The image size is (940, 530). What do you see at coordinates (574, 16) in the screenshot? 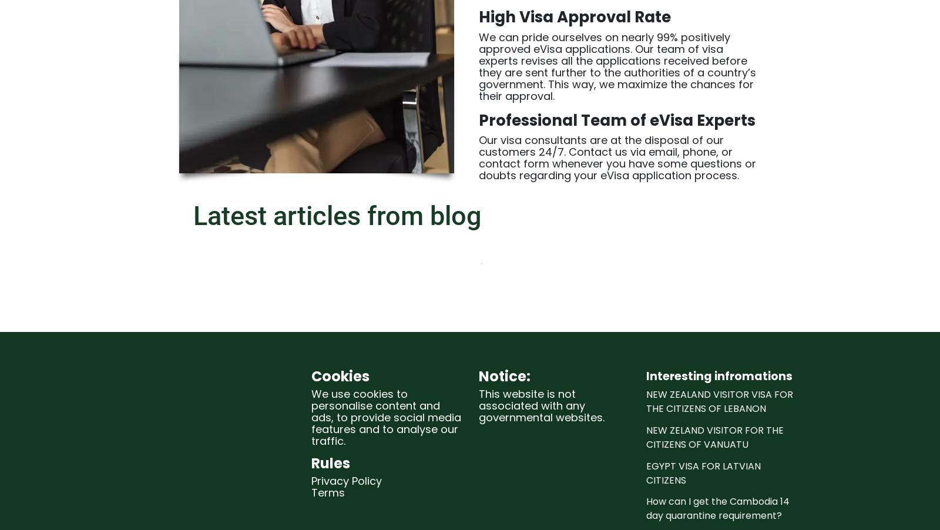
I see `'High Visa Approval Rate'` at bounding box center [574, 16].